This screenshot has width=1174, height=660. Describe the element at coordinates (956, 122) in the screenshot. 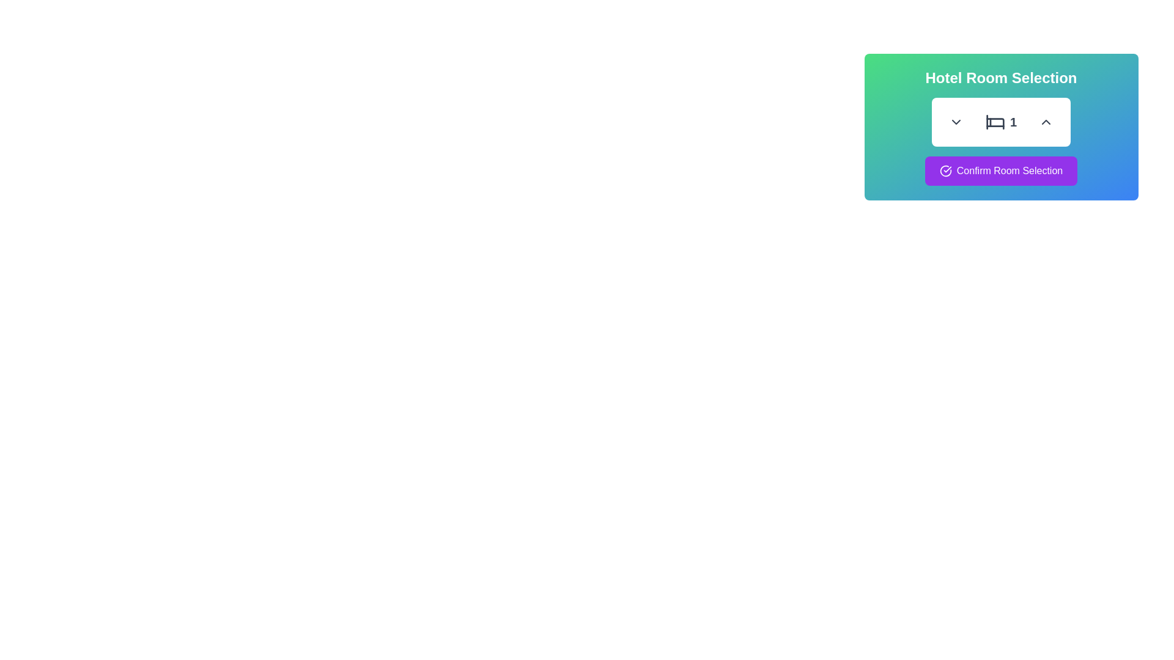

I see `the down-facing chevron icon located within a circular button in the top-right section of the white card interface` at that location.